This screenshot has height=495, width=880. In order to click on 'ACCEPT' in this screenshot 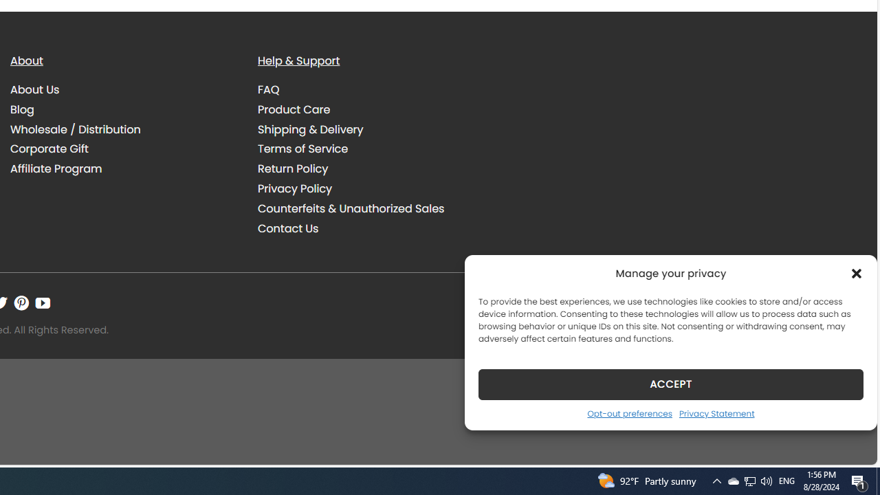, I will do `click(671, 384)`.